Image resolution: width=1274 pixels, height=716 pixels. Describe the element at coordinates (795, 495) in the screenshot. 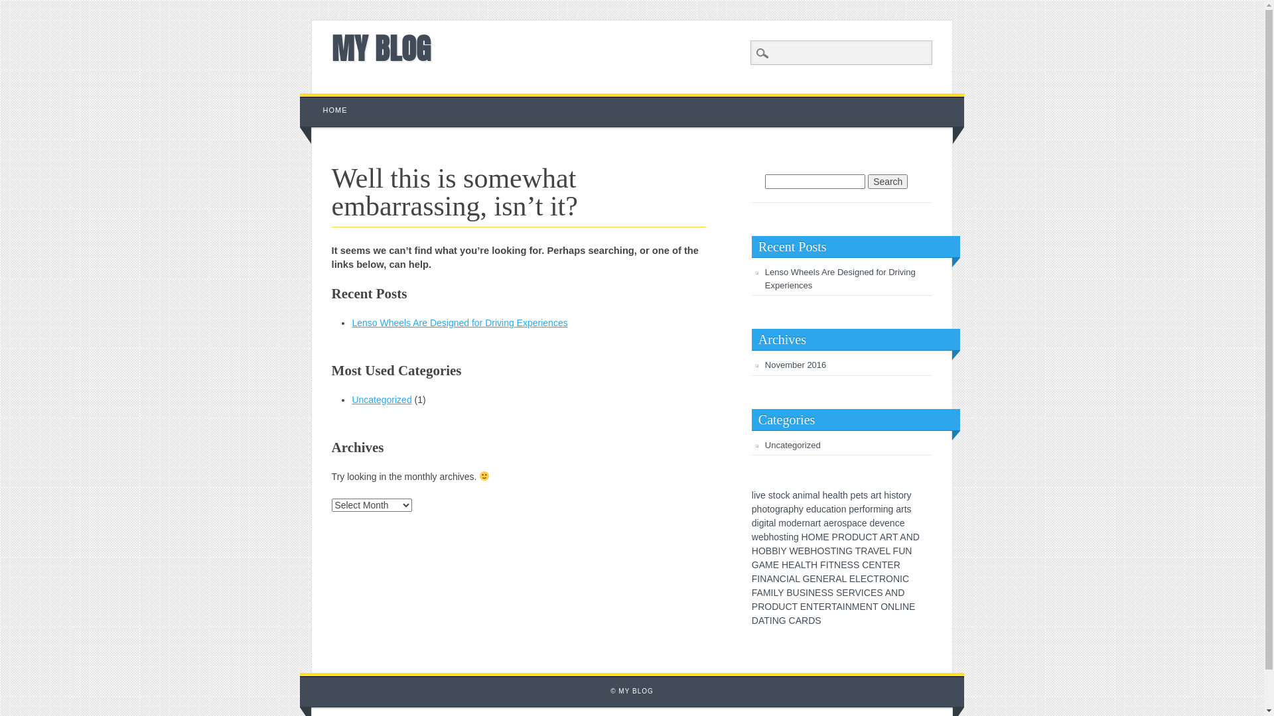

I see `'a'` at that location.